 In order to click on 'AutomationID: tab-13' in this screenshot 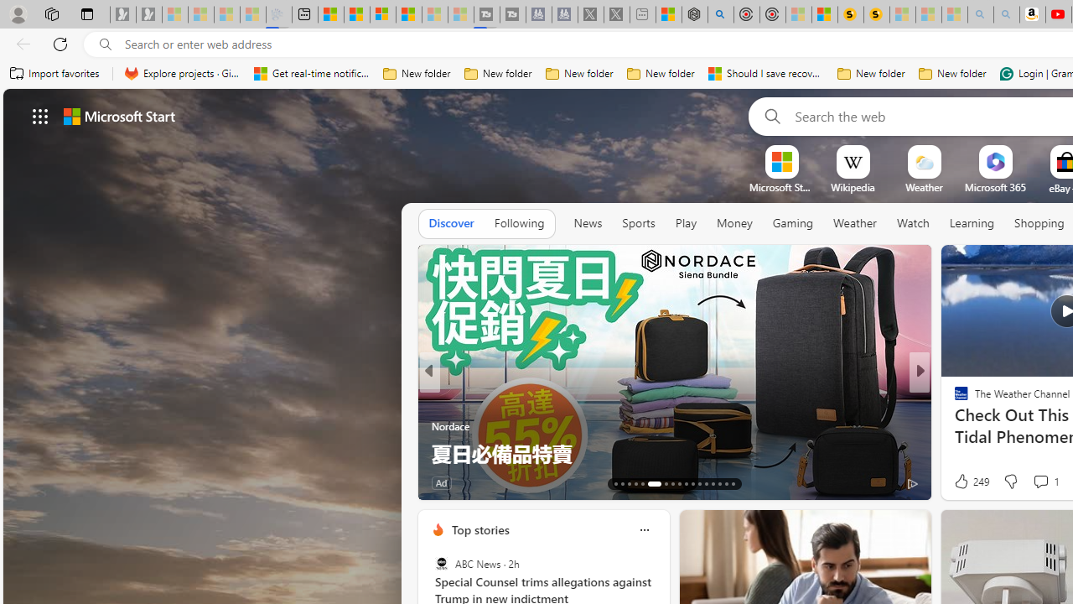, I will do `click(614, 484)`.